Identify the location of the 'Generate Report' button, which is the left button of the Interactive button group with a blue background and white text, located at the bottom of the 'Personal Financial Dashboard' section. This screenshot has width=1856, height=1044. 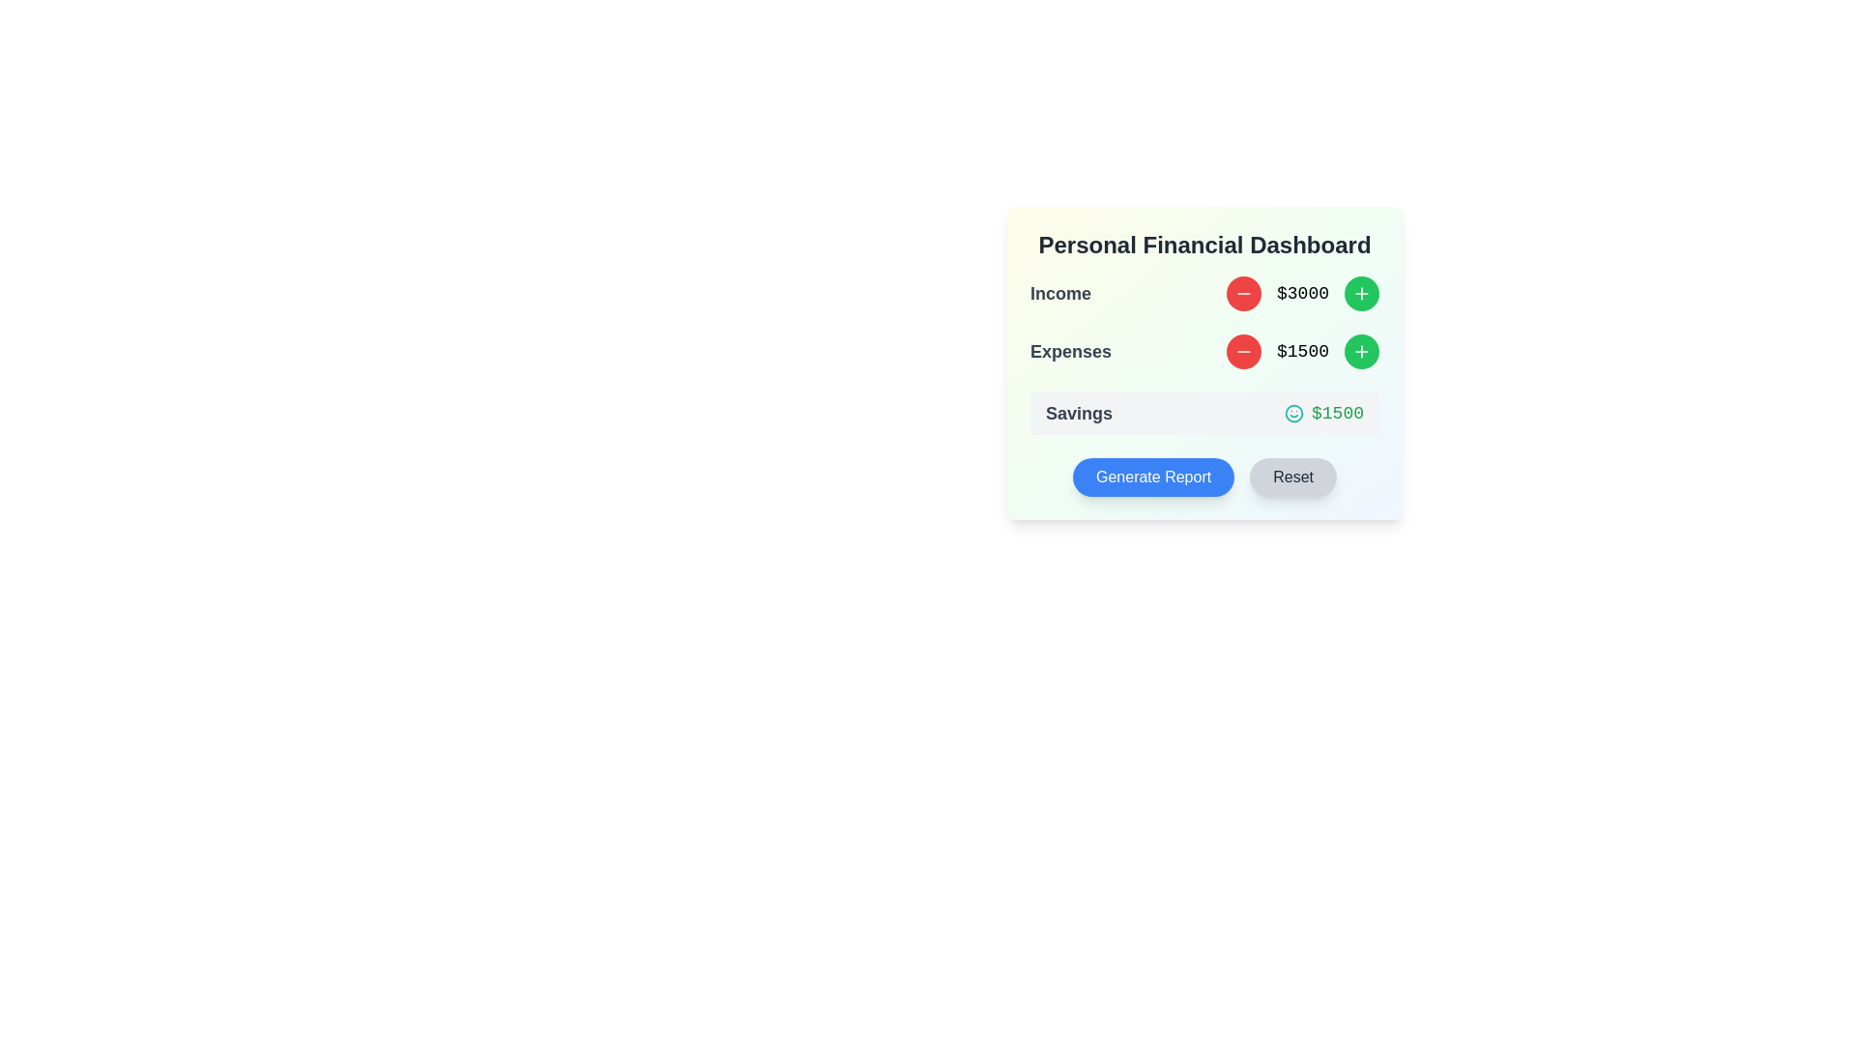
(1203, 477).